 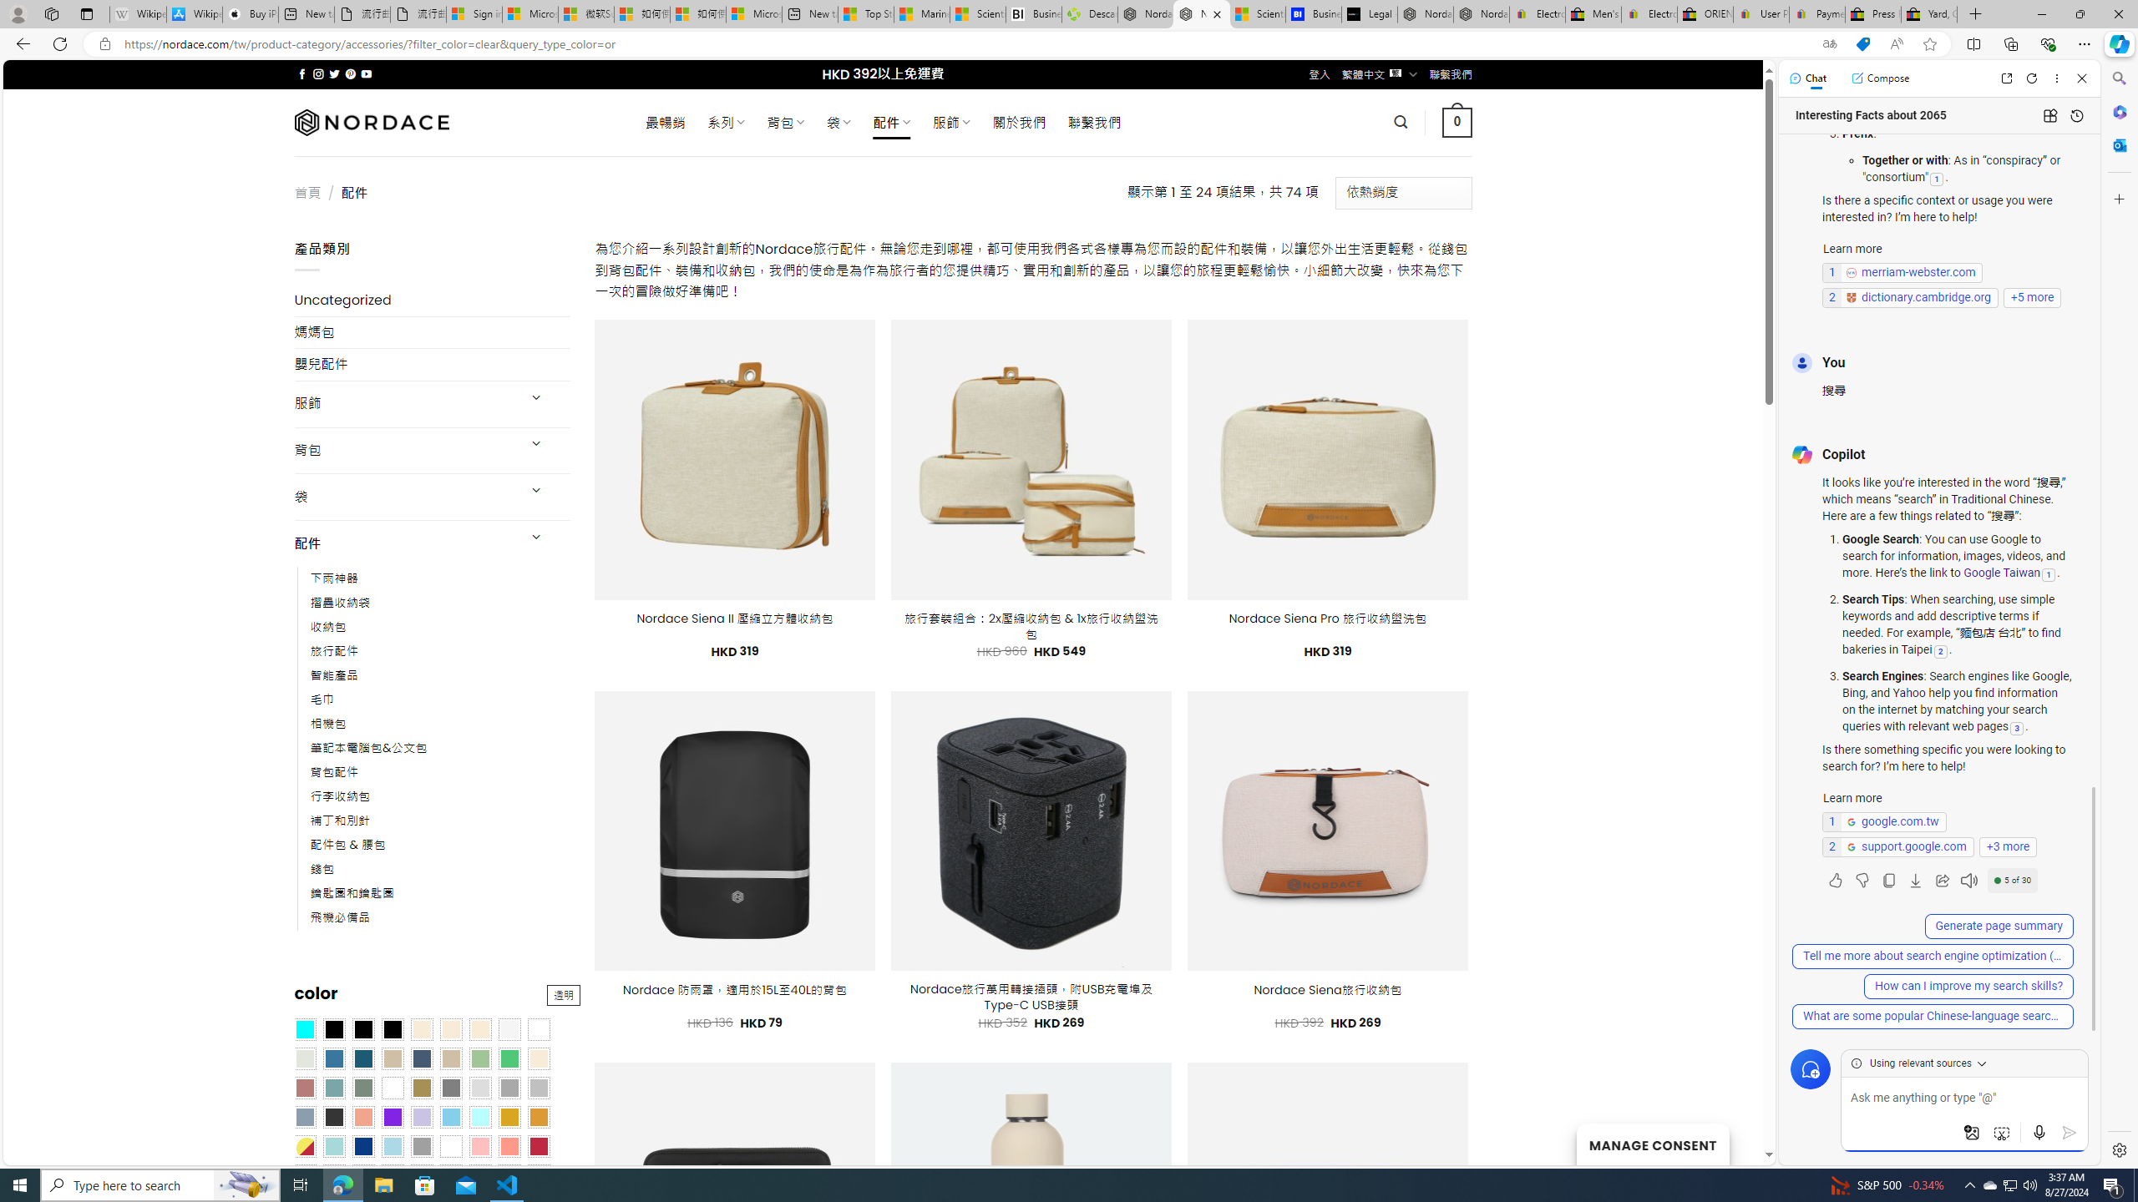 What do you see at coordinates (432, 300) in the screenshot?
I see `'Uncategorized'` at bounding box center [432, 300].